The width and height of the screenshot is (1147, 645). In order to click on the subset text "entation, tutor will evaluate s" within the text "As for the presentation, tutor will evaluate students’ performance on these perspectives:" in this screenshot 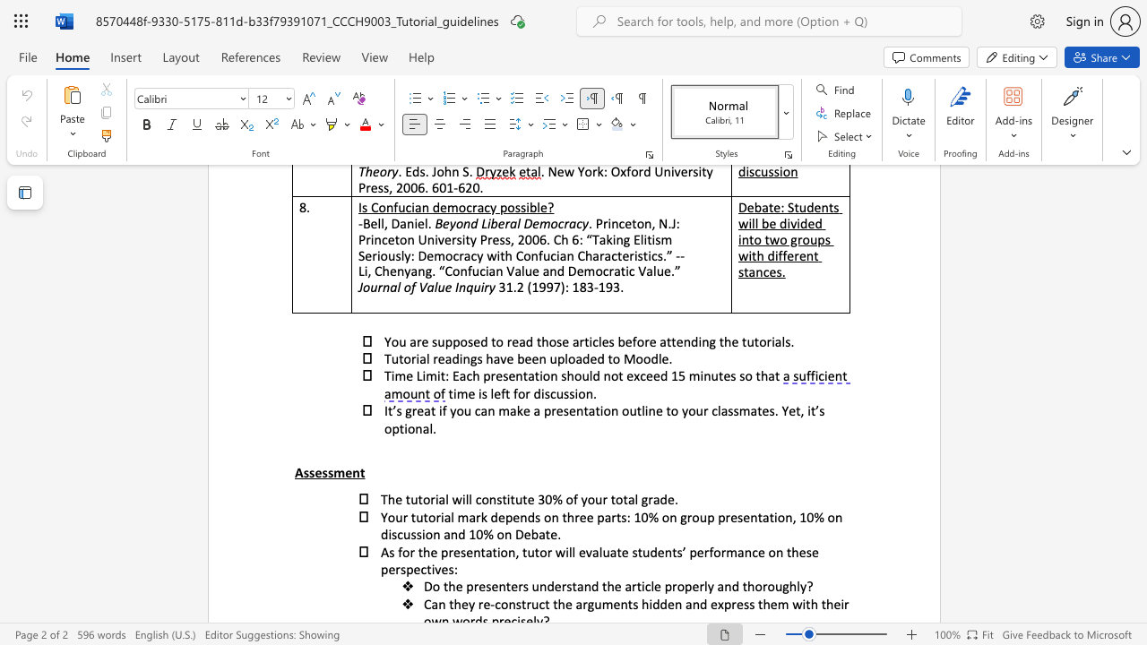, I will do `click(466, 551)`.